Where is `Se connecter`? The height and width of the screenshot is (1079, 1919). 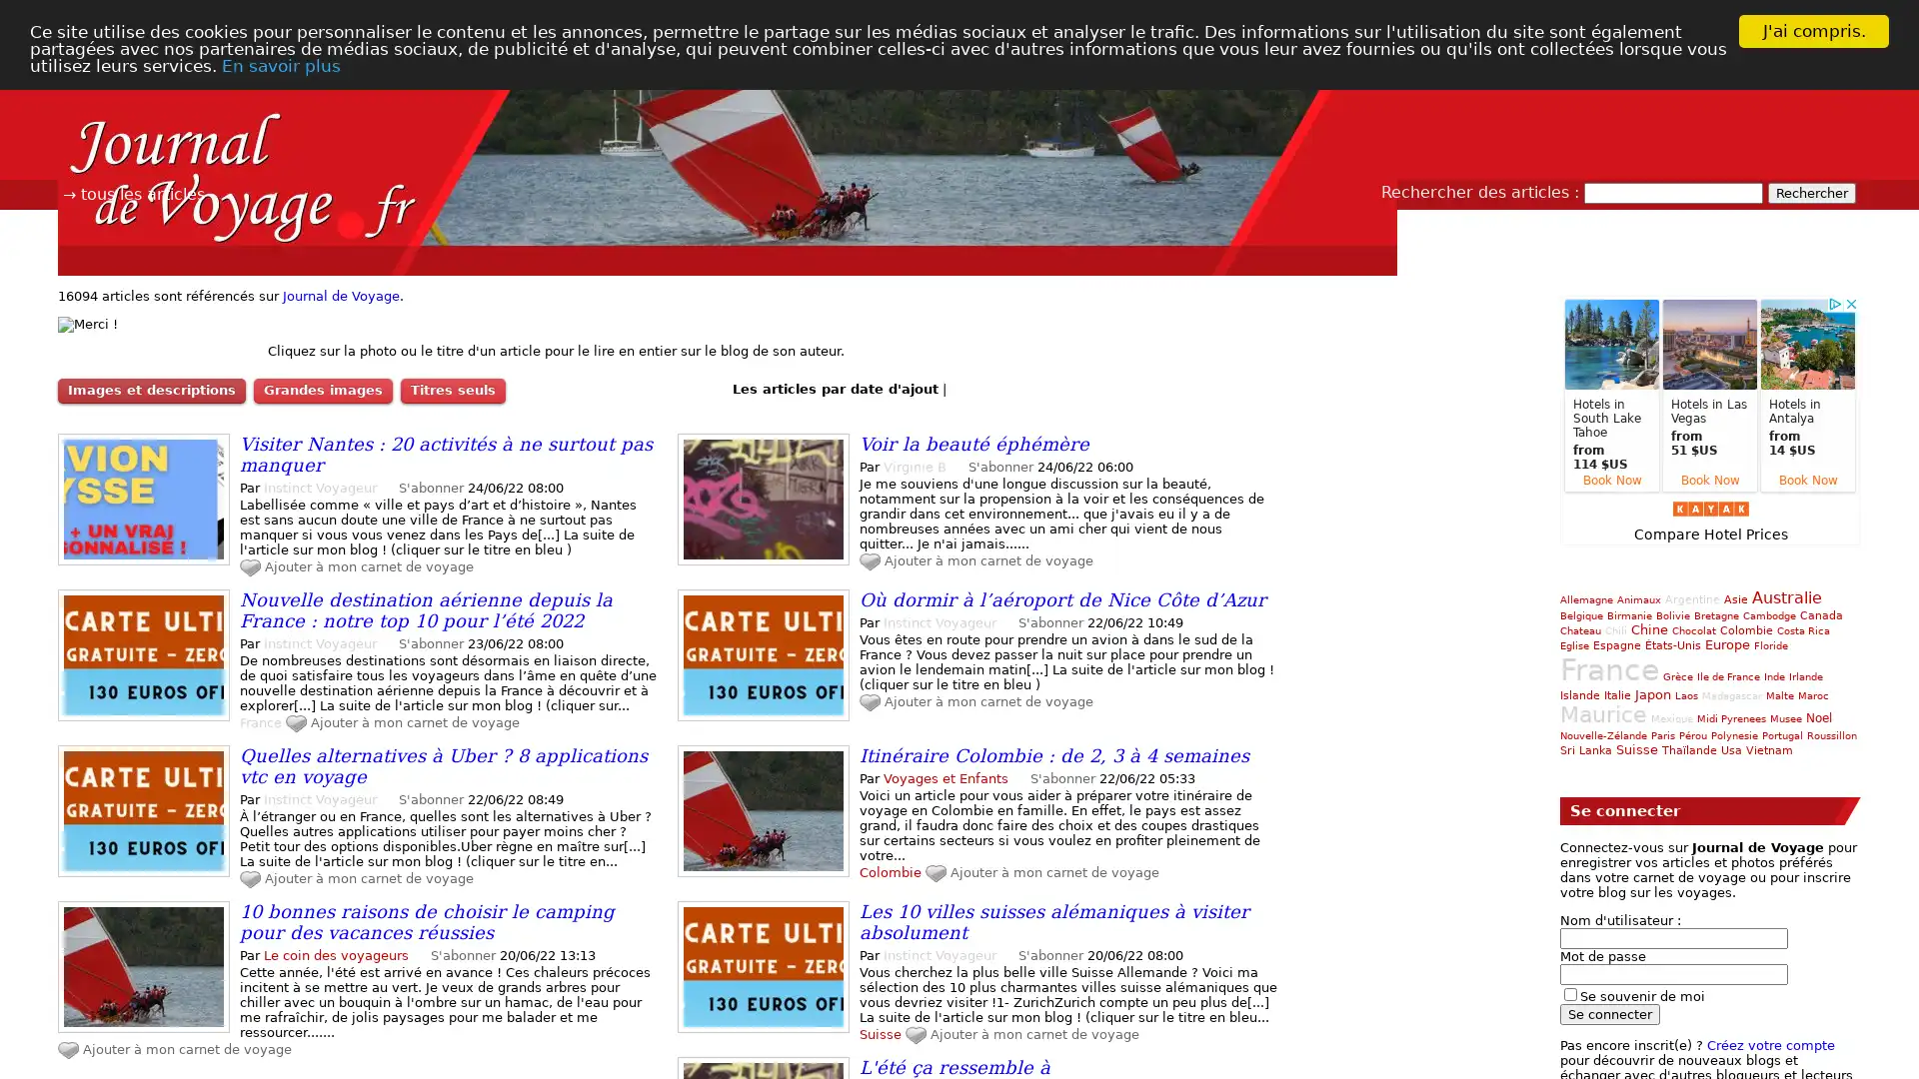
Se connecter is located at coordinates (1610, 1013).